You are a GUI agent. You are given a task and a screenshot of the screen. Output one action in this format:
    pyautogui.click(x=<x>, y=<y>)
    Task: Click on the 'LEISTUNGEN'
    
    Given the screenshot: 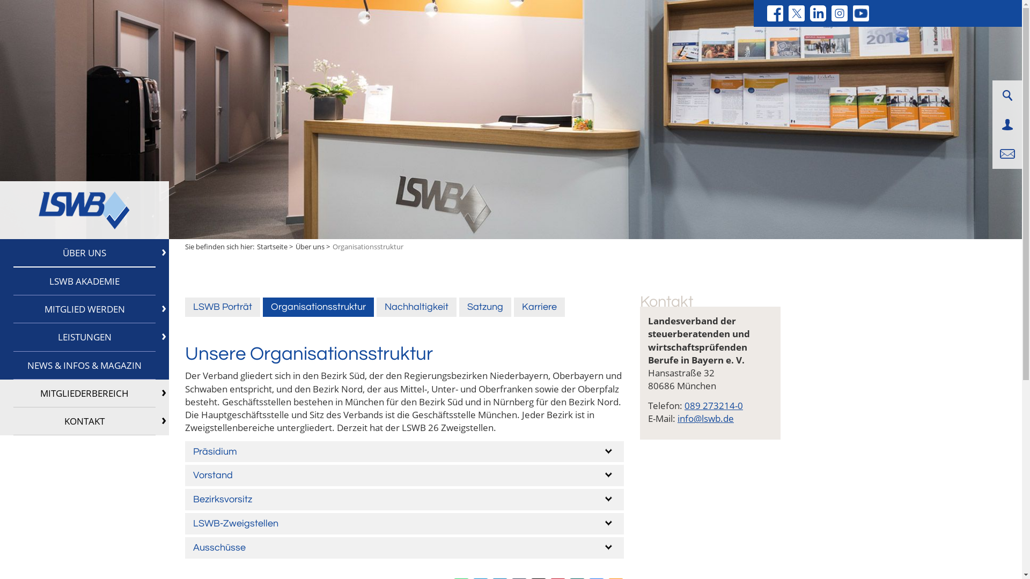 What is the action you would take?
    pyautogui.click(x=84, y=336)
    